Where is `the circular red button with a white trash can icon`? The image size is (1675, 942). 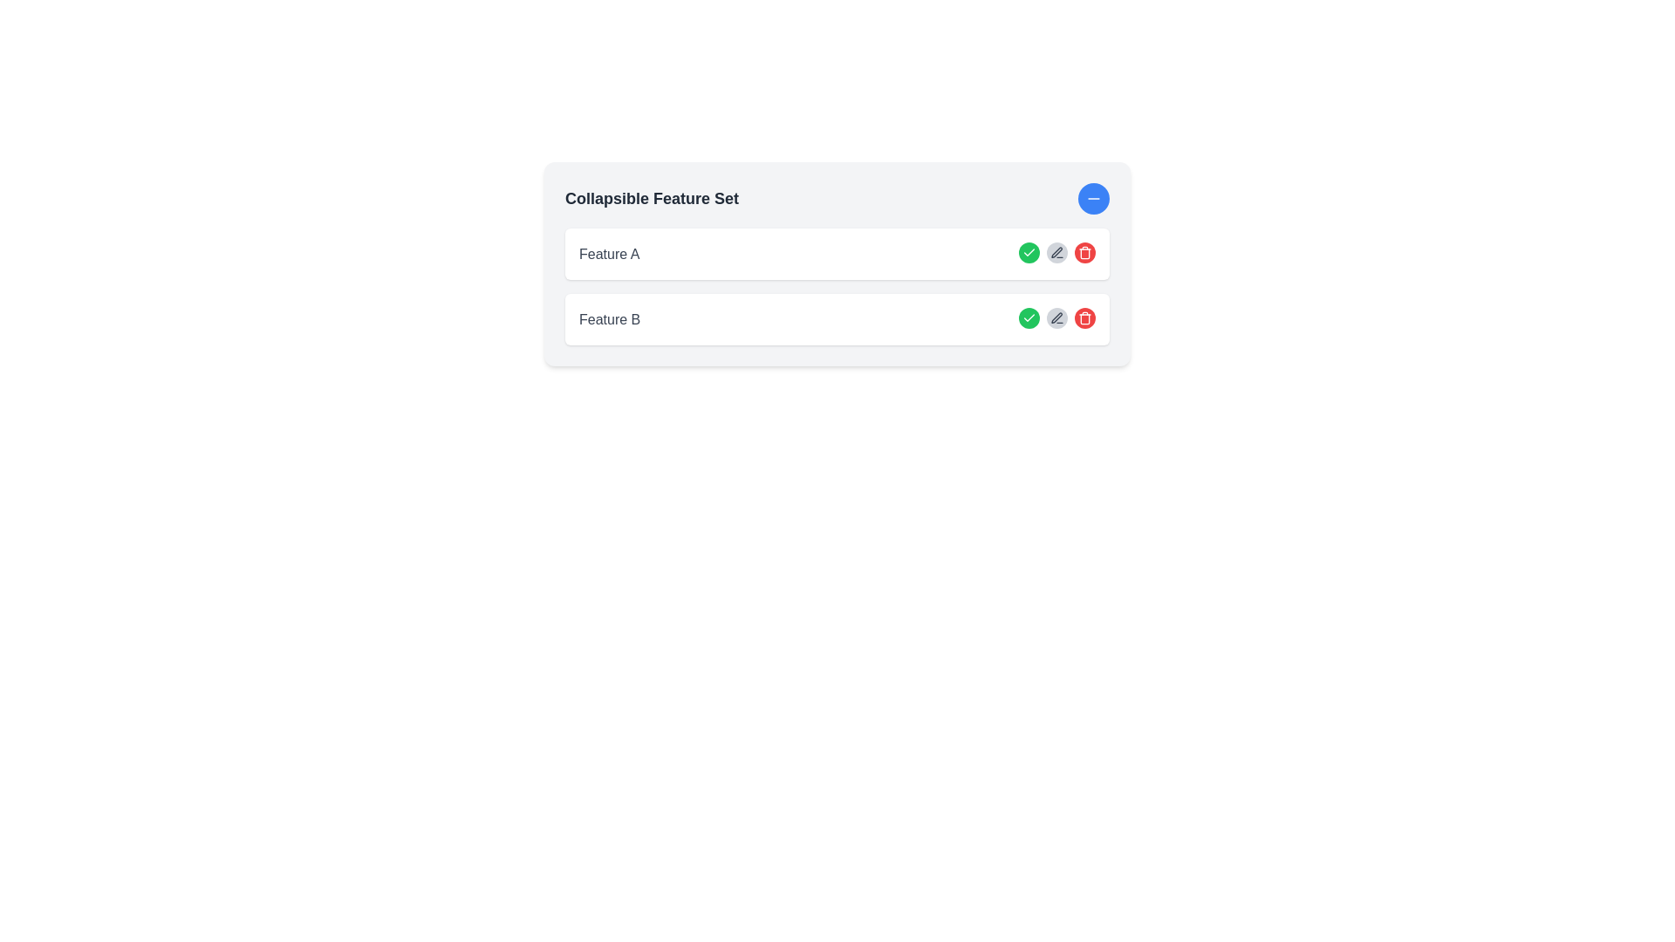 the circular red button with a white trash can icon is located at coordinates (1084, 252).